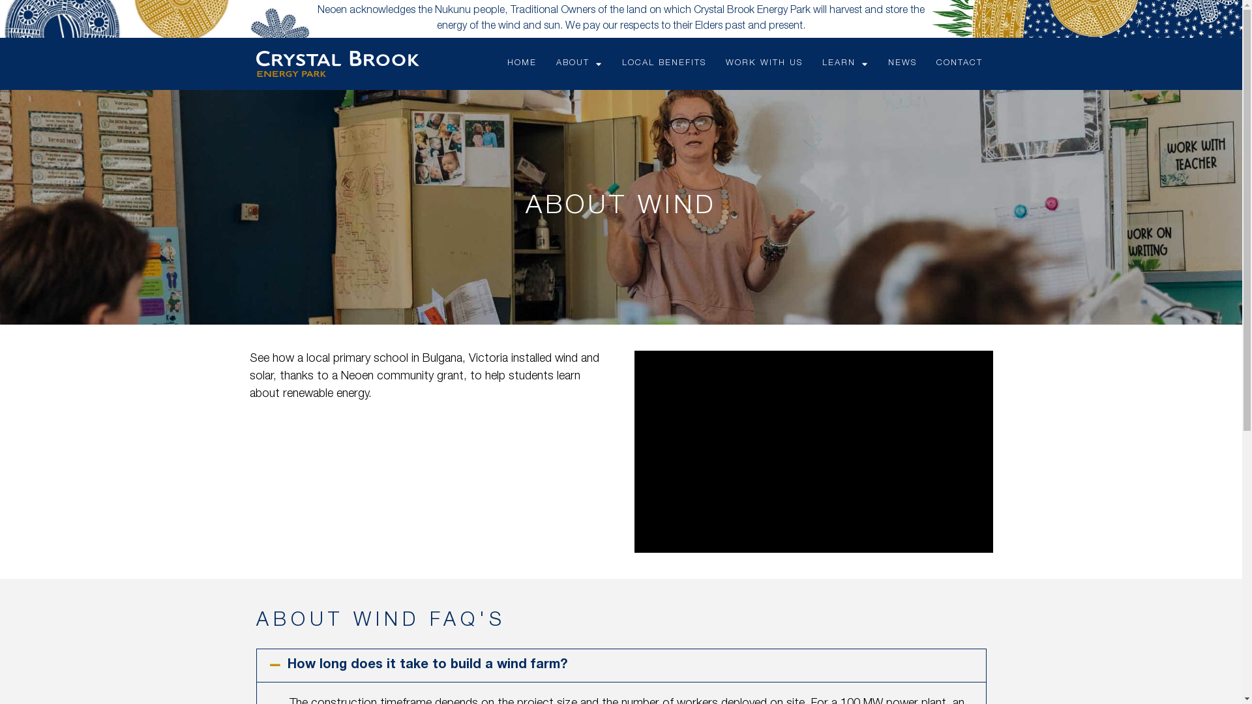  I want to click on 'How long does it take to build a wind farm?', so click(426, 666).